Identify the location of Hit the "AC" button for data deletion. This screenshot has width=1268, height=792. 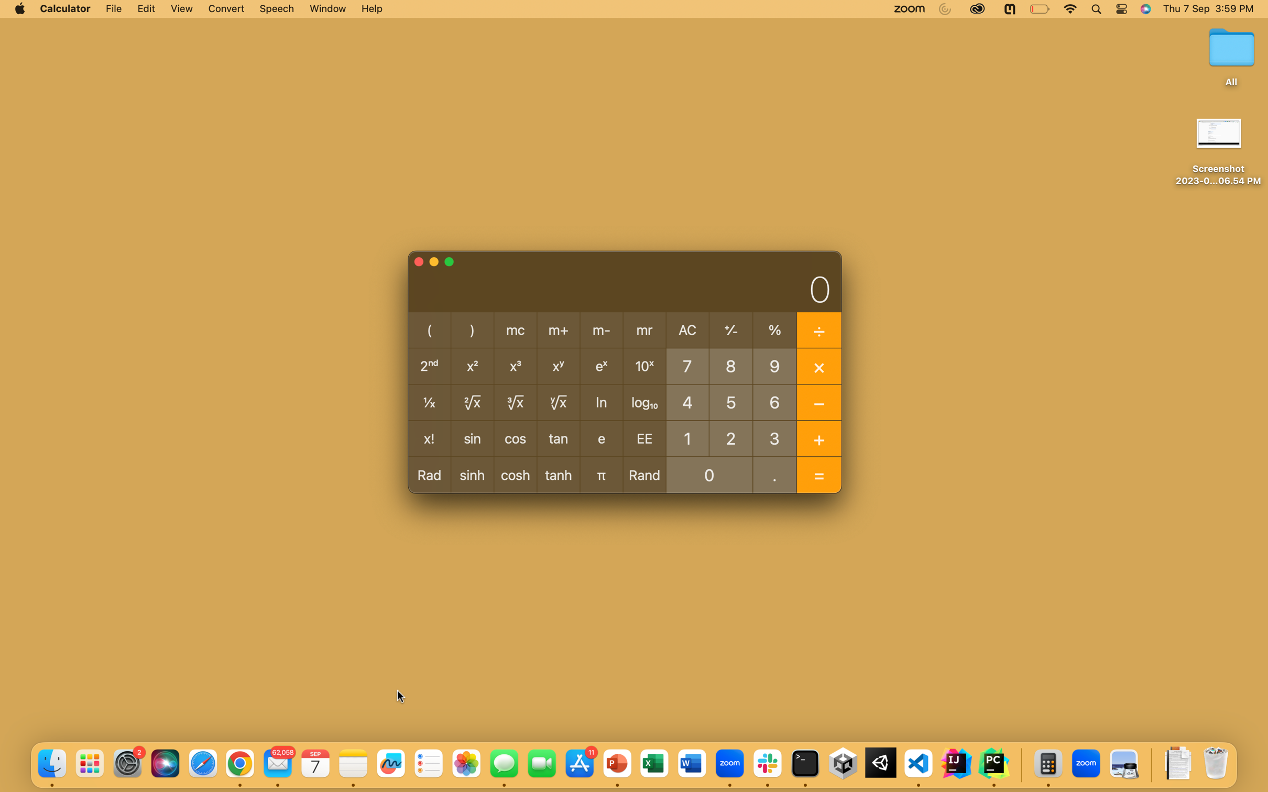
(687, 331).